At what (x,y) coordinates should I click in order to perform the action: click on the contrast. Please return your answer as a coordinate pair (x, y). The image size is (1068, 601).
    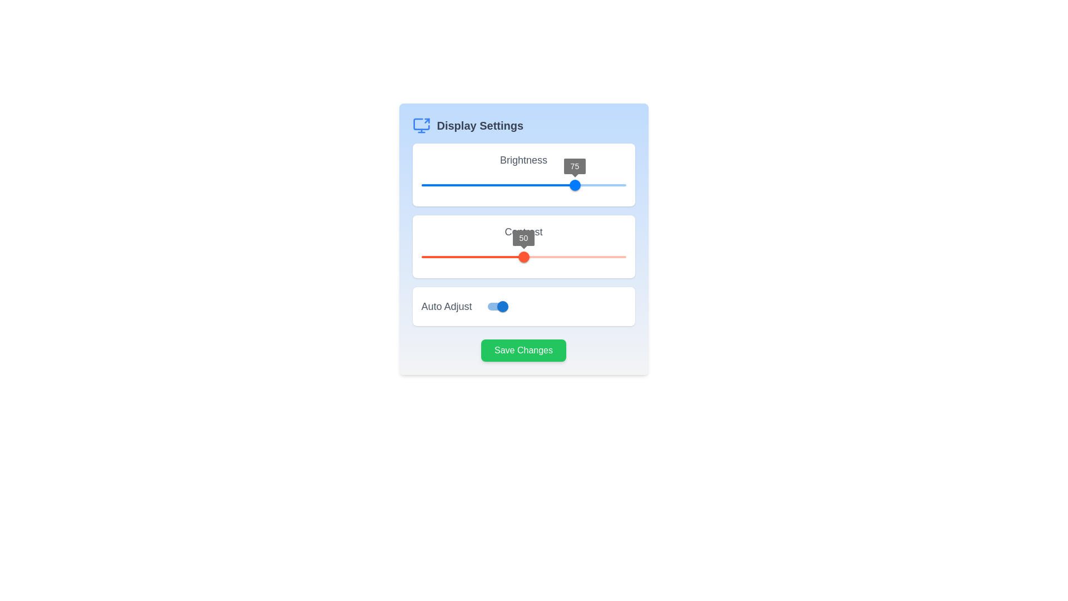
    Looking at the image, I should click on (538, 257).